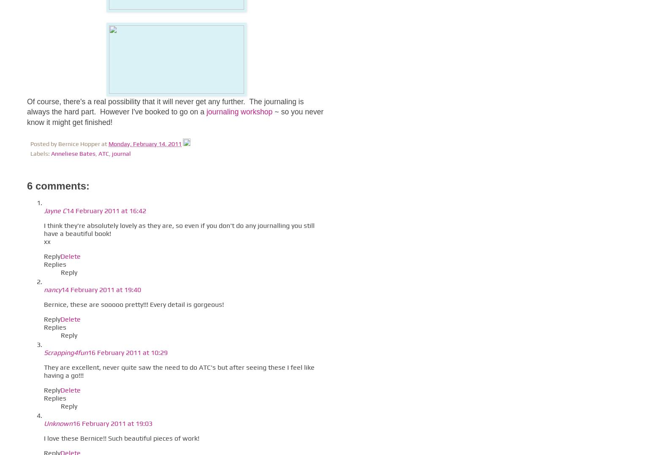 The width and height of the screenshot is (658, 455). What do you see at coordinates (27, 117) in the screenshot?
I see `'~ so you never know it might get finished!'` at bounding box center [27, 117].